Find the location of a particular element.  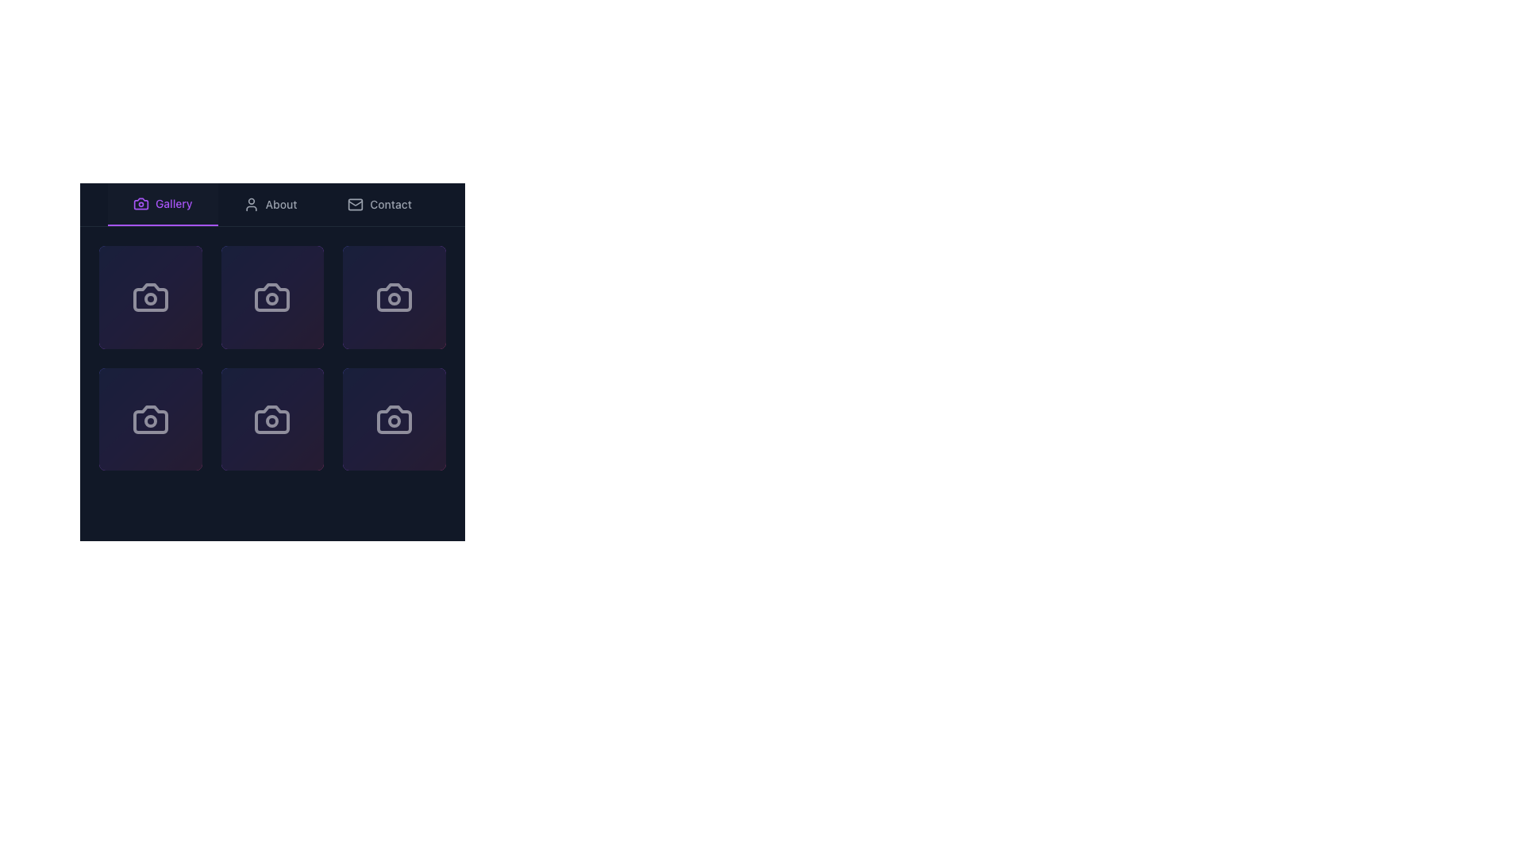

the icon located in the bottom-left tile of a 2x3 grid layout, which is intended for image or camera-related functionality is located at coordinates (150, 418).